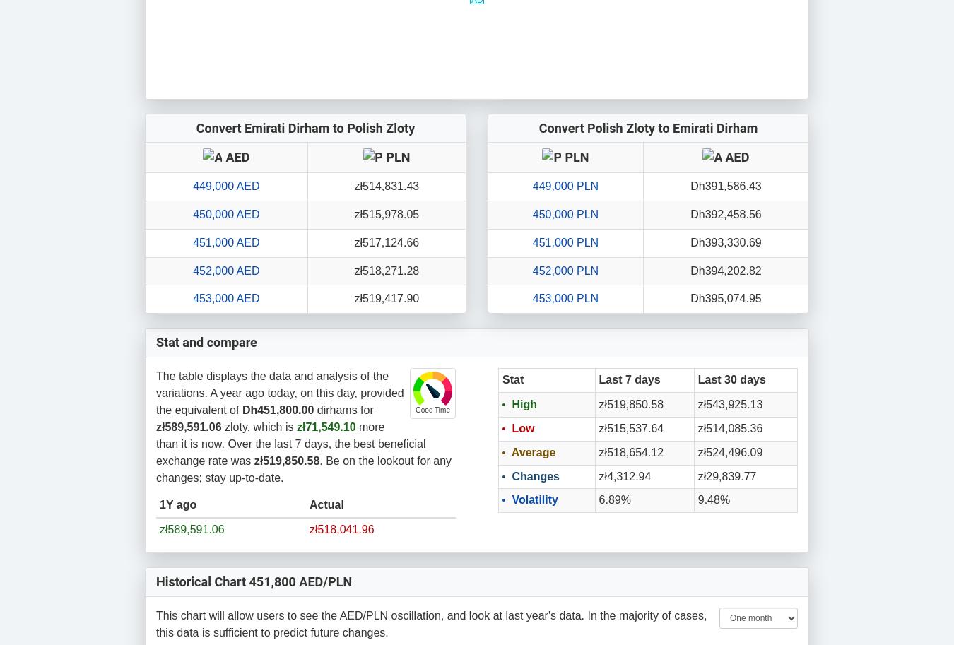 The height and width of the screenshot is (645, 954). I want to click on 'zł514,085.36', so click(730, 427).